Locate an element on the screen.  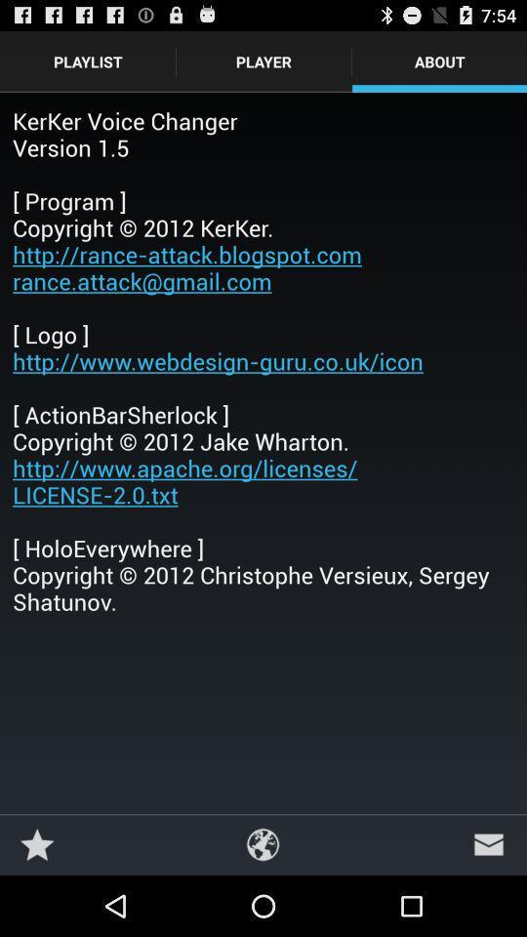
the item at the bottom left corner is located at coordinates (37, 843).